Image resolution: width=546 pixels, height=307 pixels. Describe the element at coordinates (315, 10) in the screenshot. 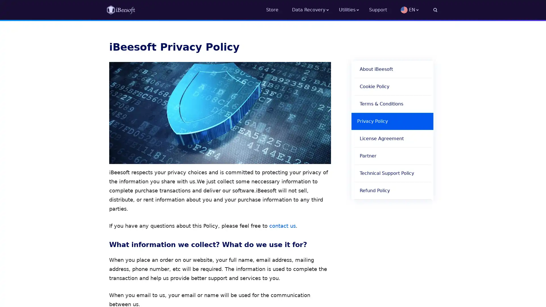

I see `products` at that location.